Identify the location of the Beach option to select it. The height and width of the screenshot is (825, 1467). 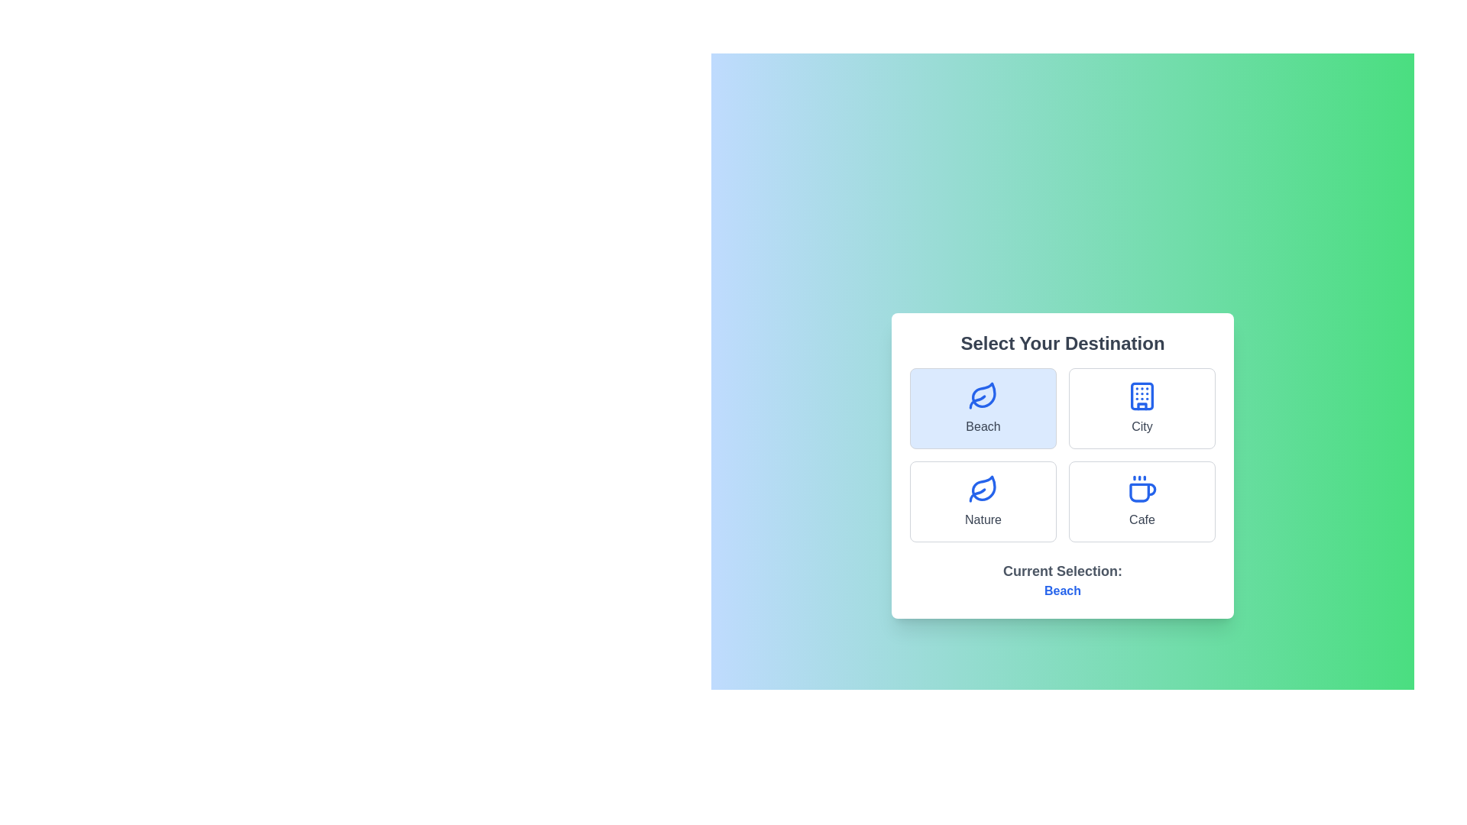
(983, 408).